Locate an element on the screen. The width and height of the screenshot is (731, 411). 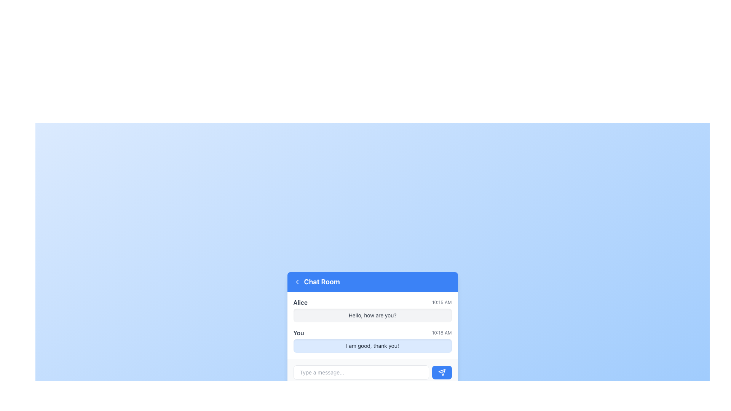
message content from the message bubble displaying 'Hello, how are you?' which is a rounded rectangle with a light gray background, located below the sender's name 'Alice' is located at coordinates (372, 315).